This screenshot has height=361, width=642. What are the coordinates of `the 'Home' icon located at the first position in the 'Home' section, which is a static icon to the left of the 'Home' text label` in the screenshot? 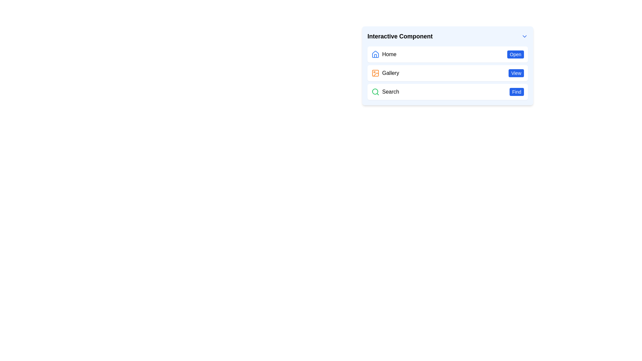 It's located at (376, 54).